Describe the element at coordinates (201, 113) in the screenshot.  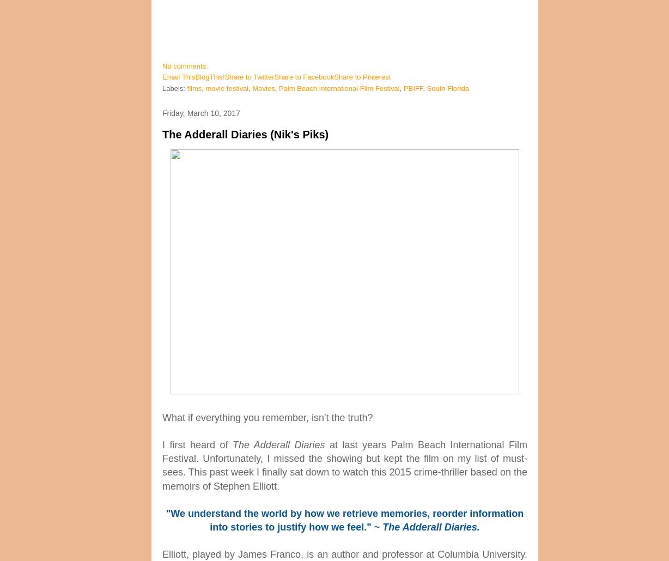
I see `'Friday, March 10, 2017'` at that location.